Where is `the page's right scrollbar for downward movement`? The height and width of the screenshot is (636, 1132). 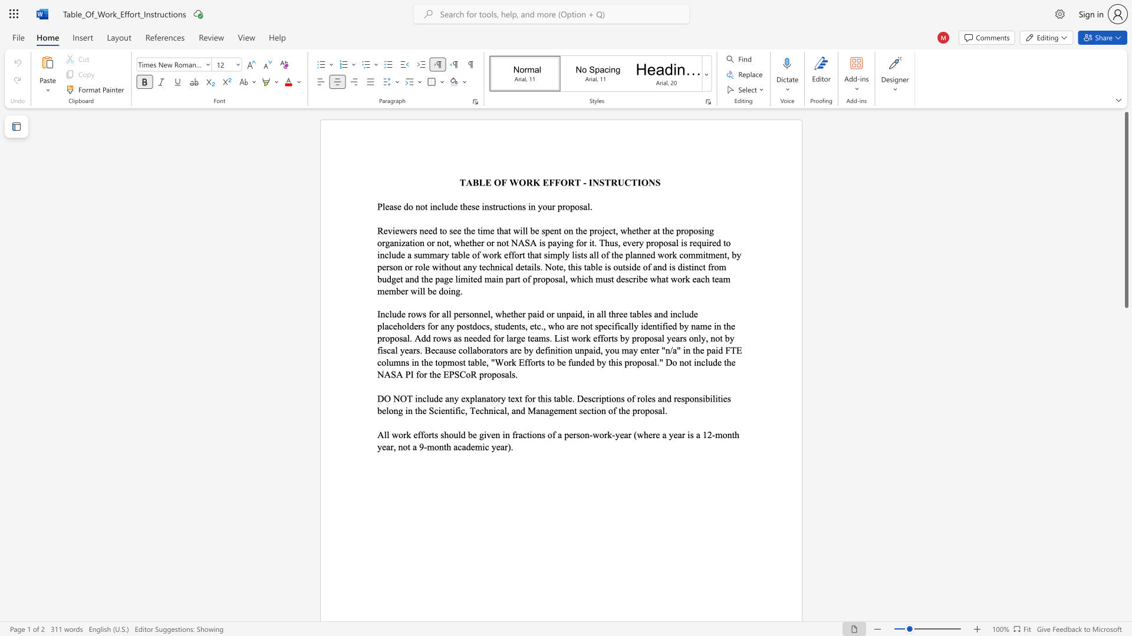 the page's right scrollbar for downward movement is located at coordinates (1126, 477).